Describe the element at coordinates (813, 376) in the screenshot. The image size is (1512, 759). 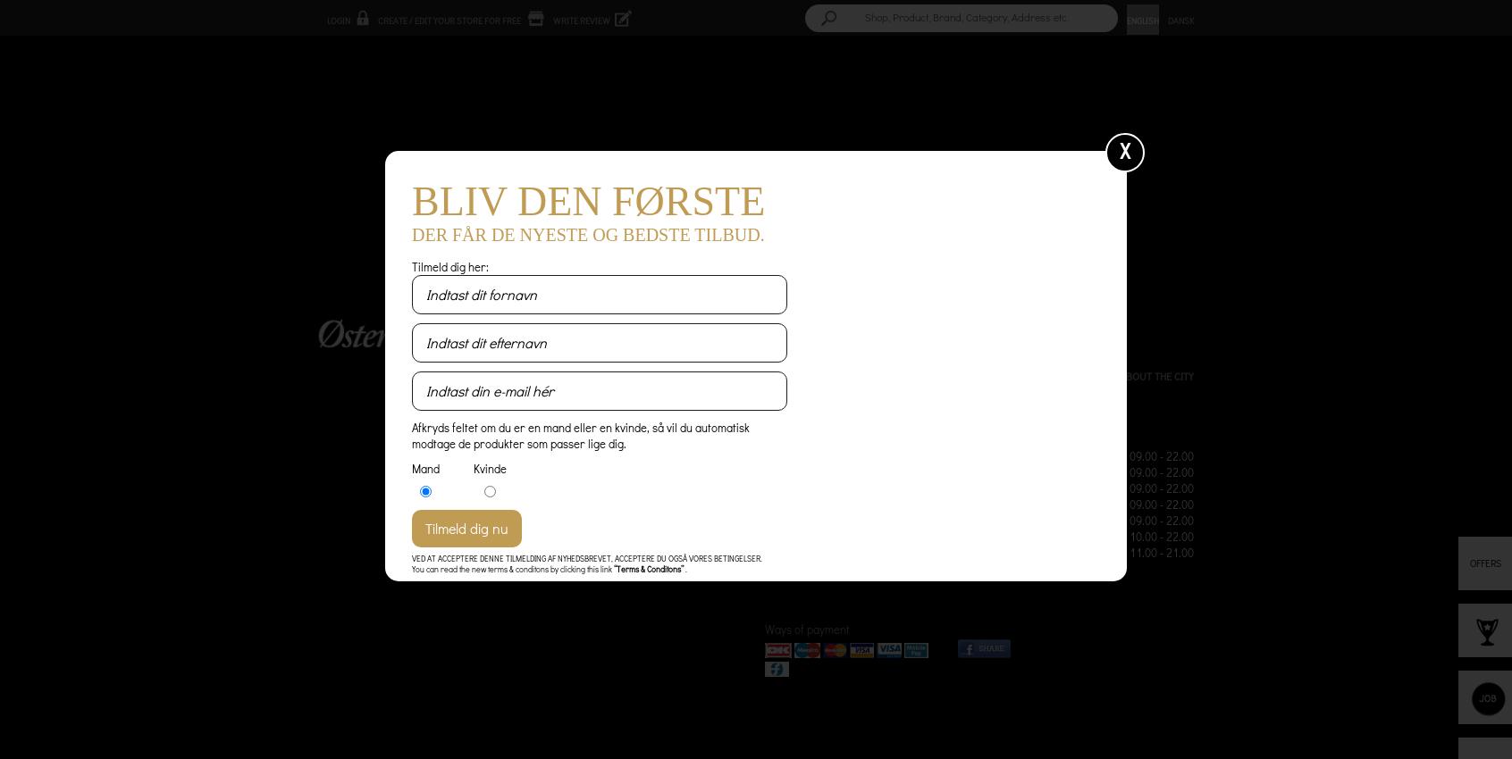
I see `'Food'` at that location.